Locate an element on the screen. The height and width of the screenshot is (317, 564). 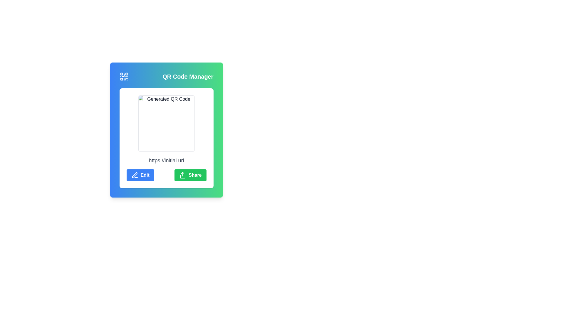
the 'Share' button with a green background and white text is located at coordinates (190, 175).